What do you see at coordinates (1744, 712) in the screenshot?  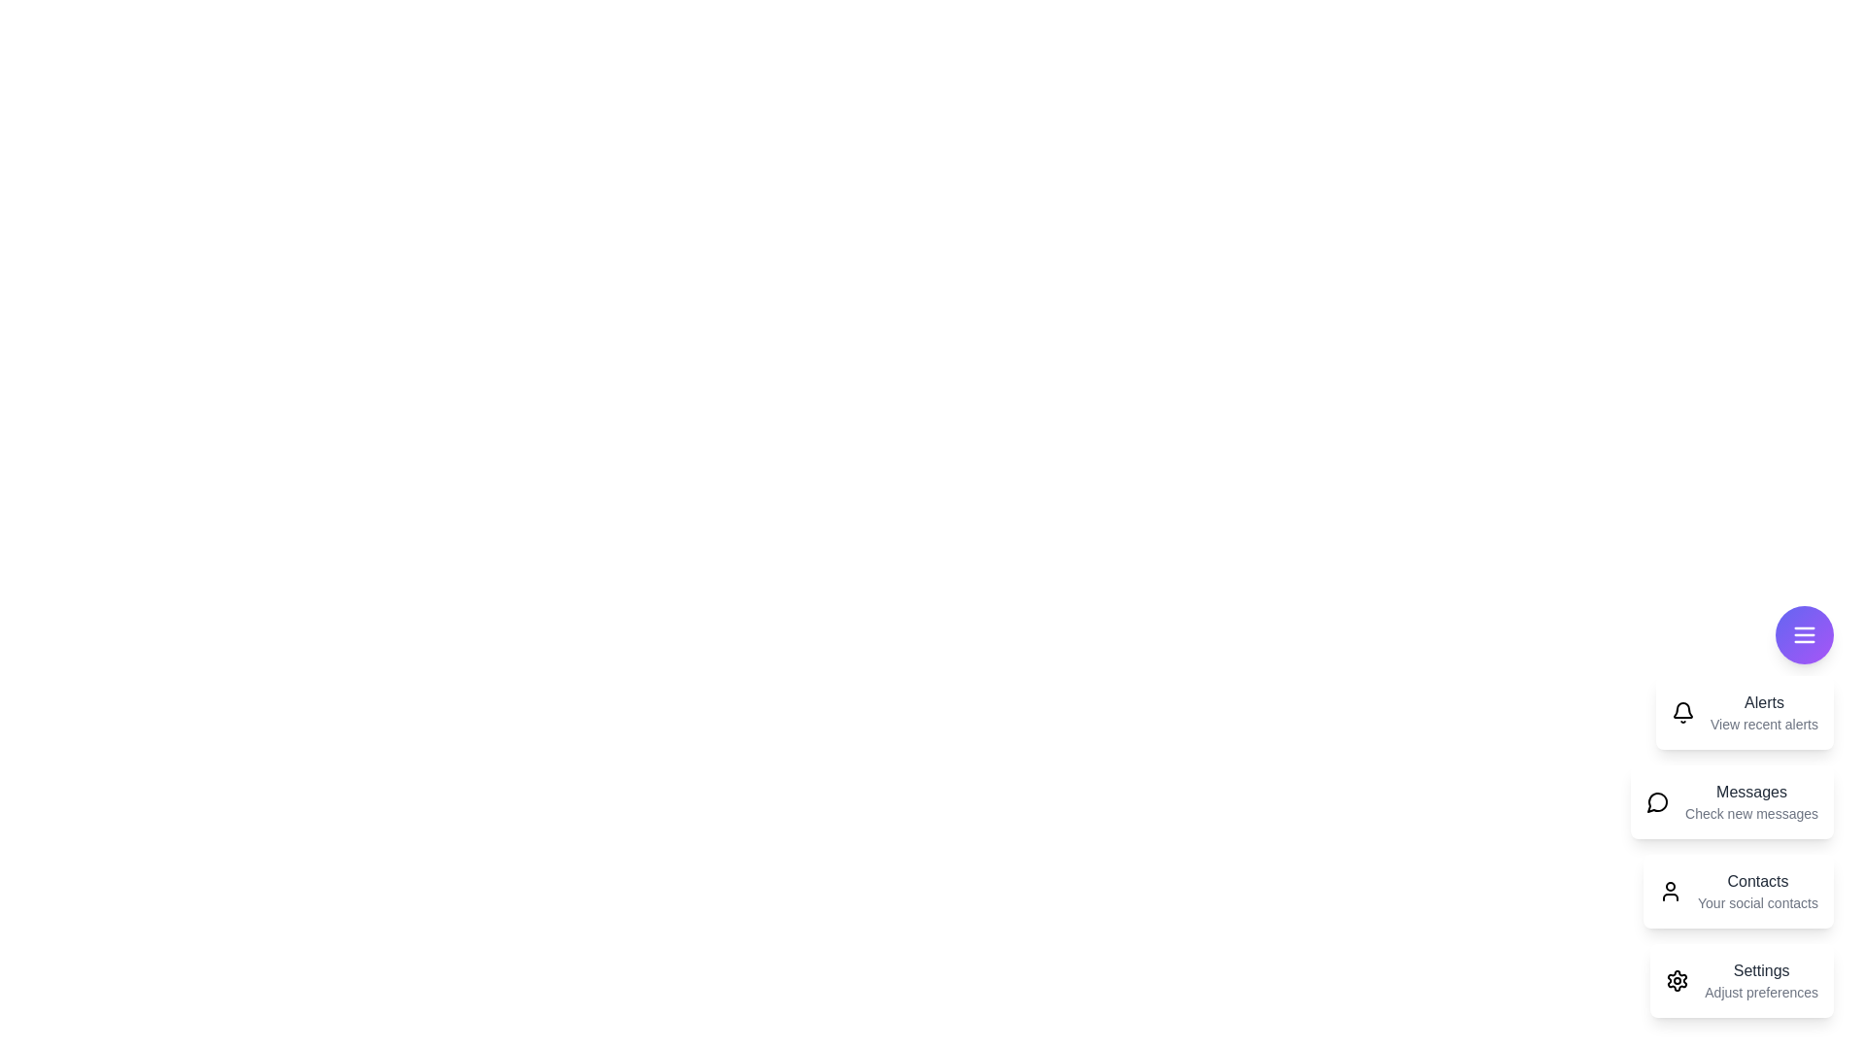 I see `the 'Alerts' card to view recent alerts` at bounding box center [1744, 712].